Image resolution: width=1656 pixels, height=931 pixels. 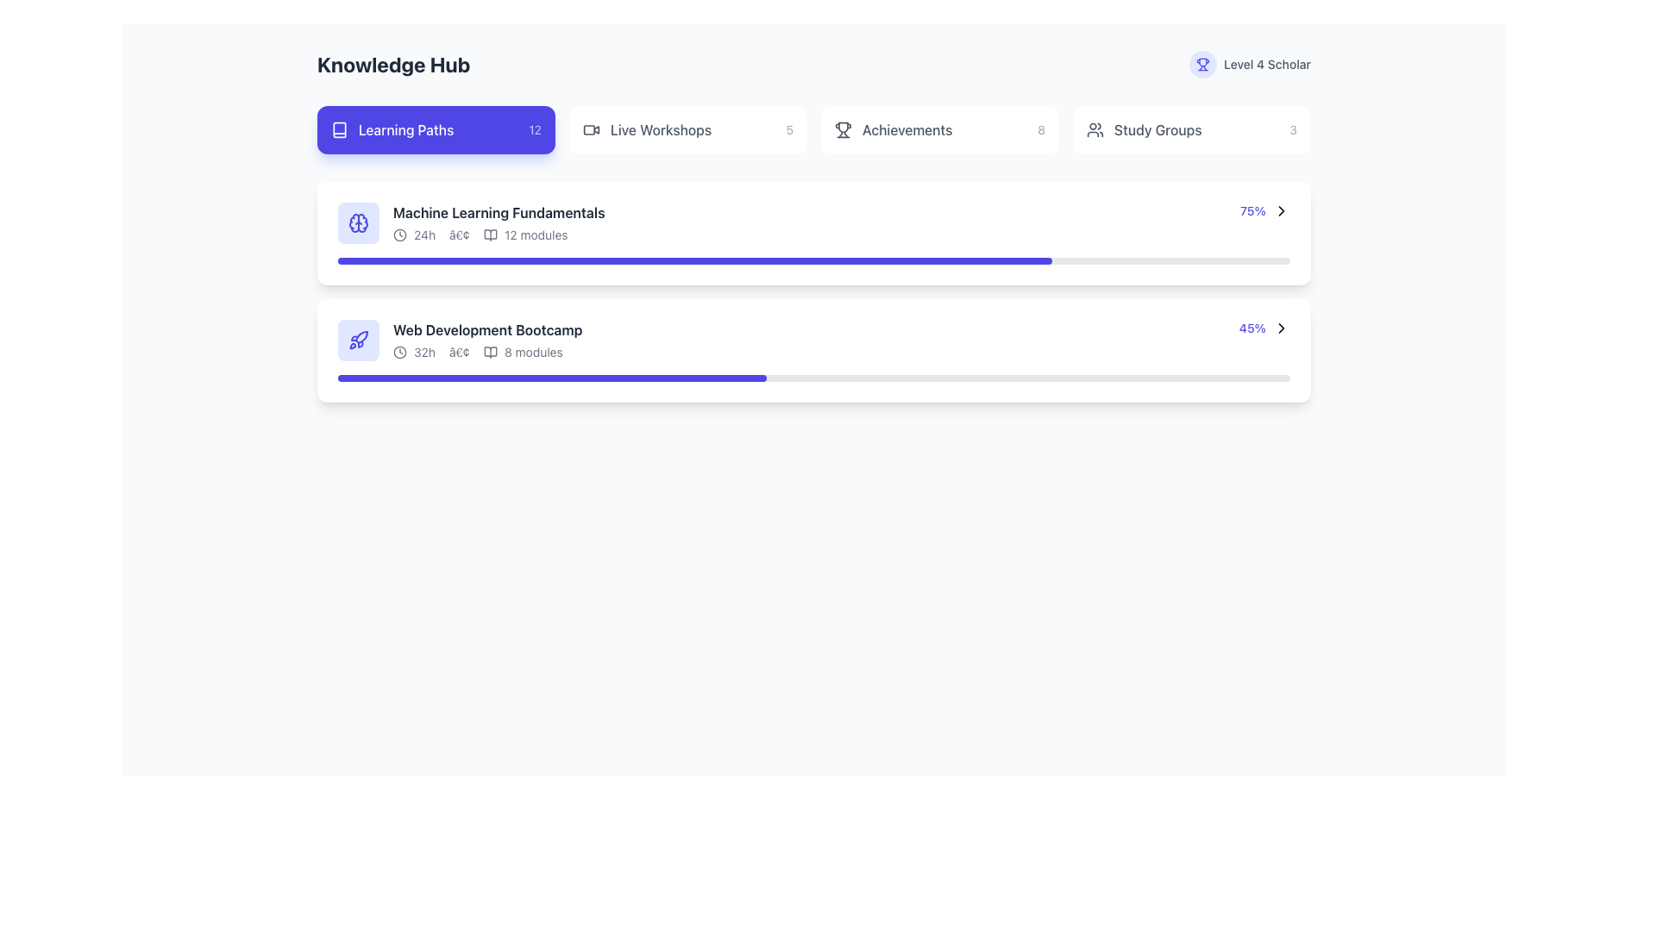 I want to click on text label displaying the duration of the task 'Machine Learning Fundamentals', which is the first numeric value following a clock icon, so click(x=424, y=235).